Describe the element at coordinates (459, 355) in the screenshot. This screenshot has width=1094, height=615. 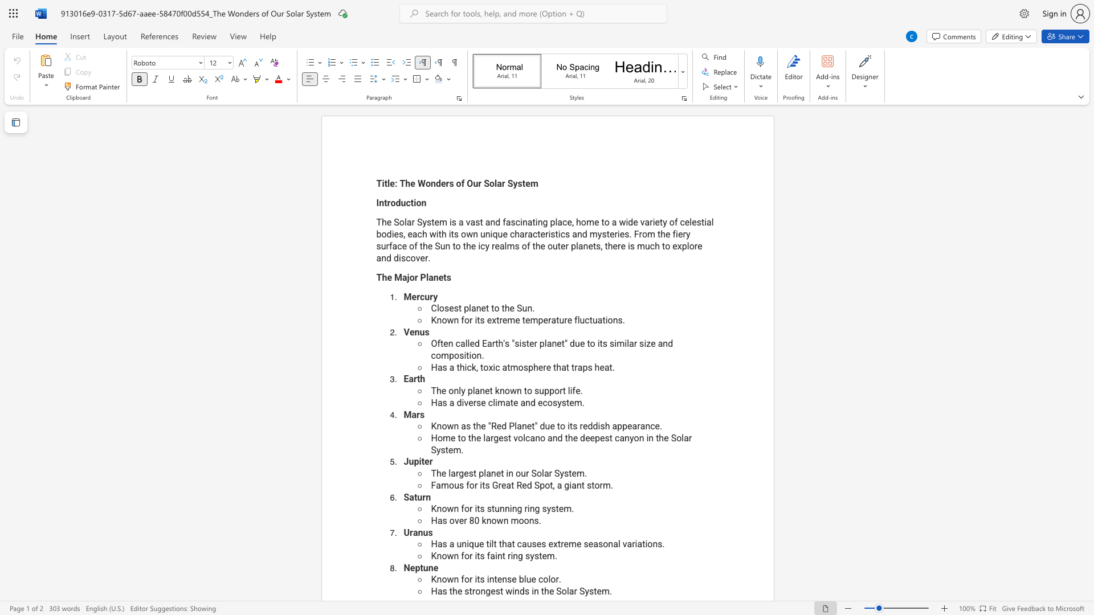
I see `the subset text "sitio" within the text "Often called Earth"` at that location.